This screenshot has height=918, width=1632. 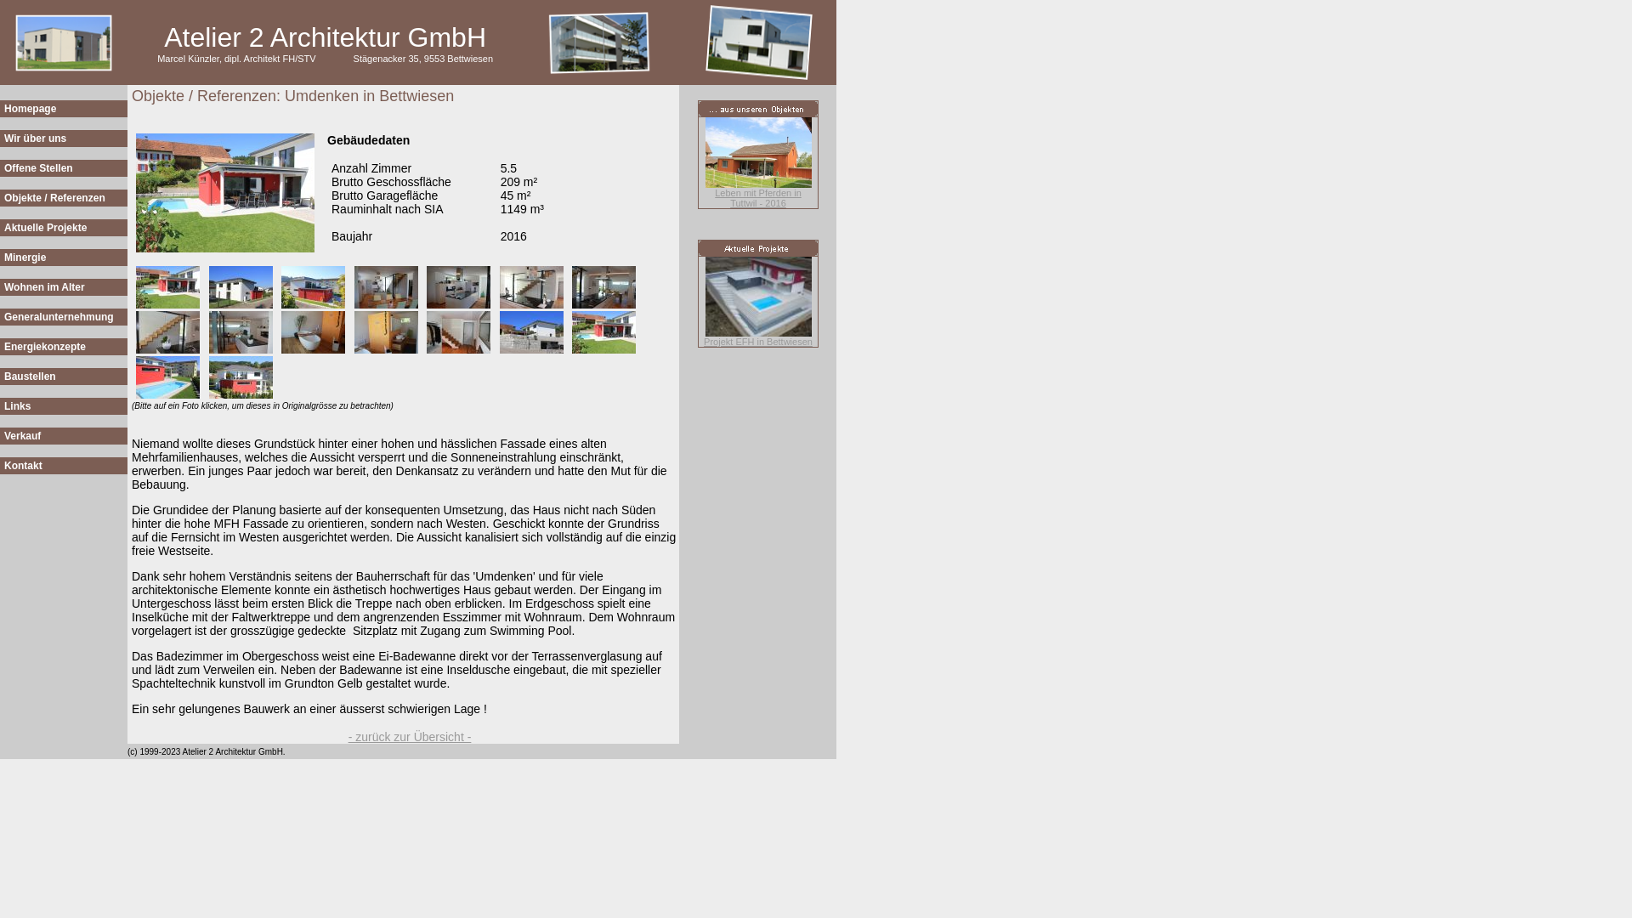 What do you see at coordinates (38, 167) in the screenshot?
I see `'Offene Stellen'` at bounding box center [38, 167].